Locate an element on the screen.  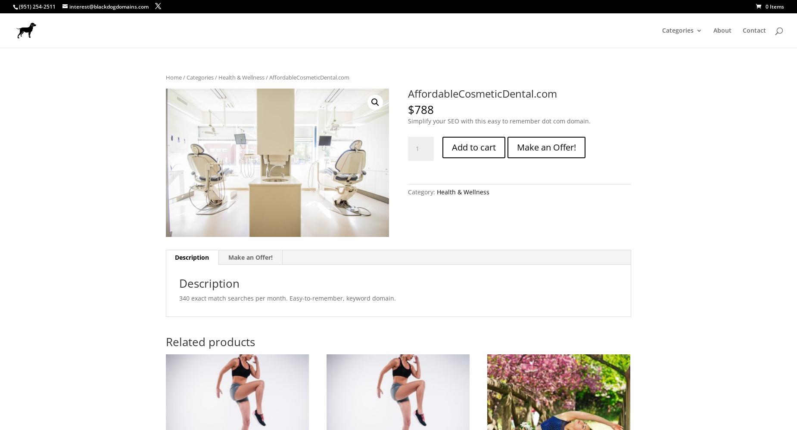
'Shopping' is located at coordinates (693, 272).